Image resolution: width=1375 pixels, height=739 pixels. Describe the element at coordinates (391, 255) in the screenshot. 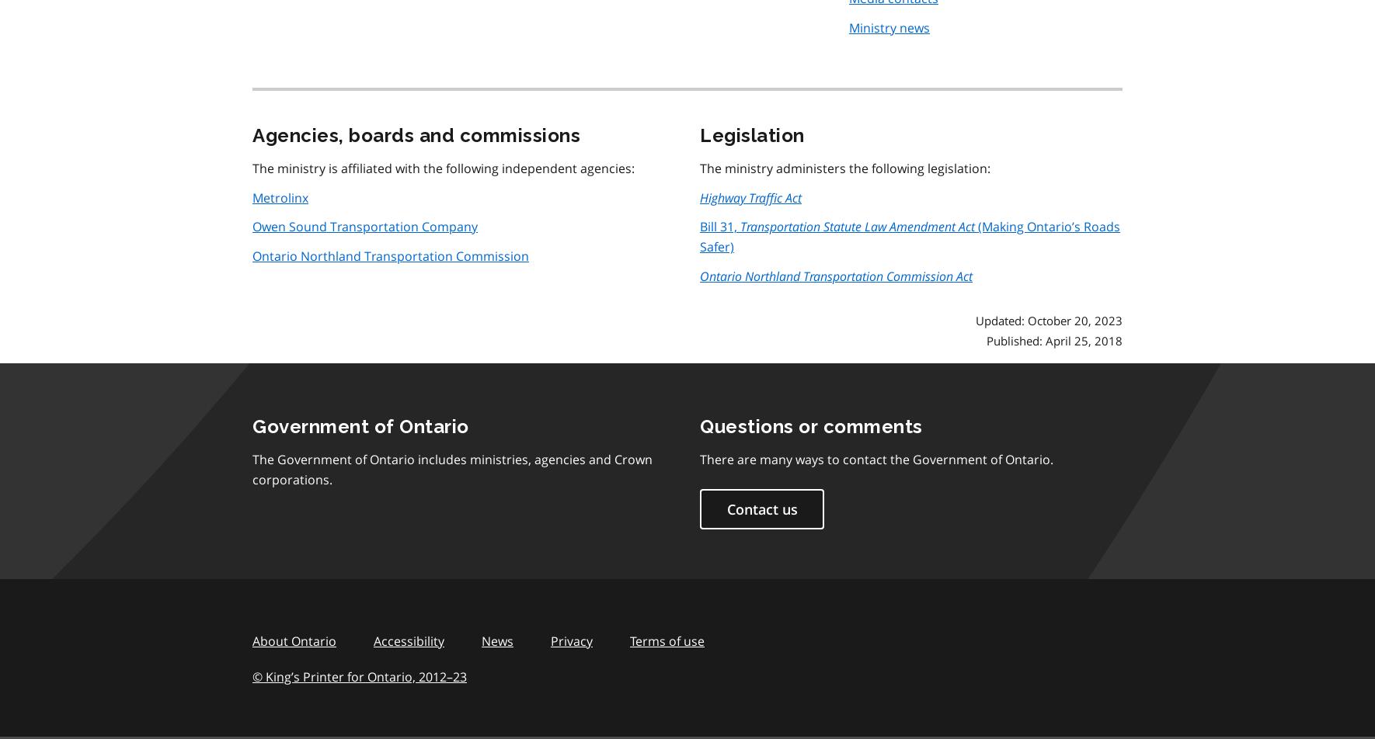

I see `'Ontario Northland Transportation Commission'` at that location.